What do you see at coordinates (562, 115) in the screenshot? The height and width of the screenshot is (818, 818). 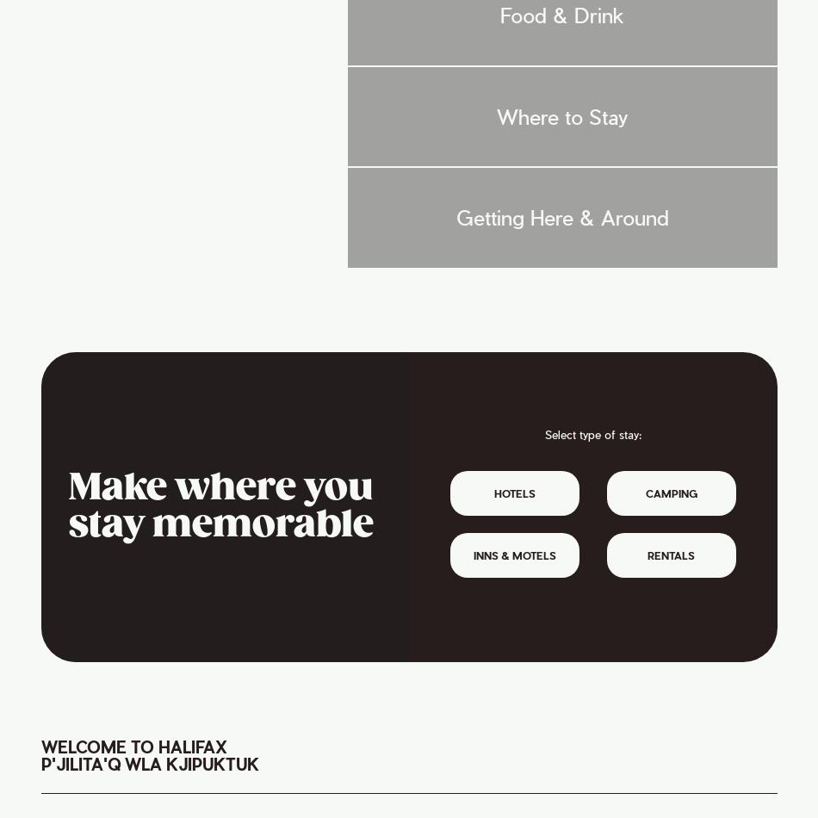 I see `'Where to Stay'` at bounding box center [562, 115].